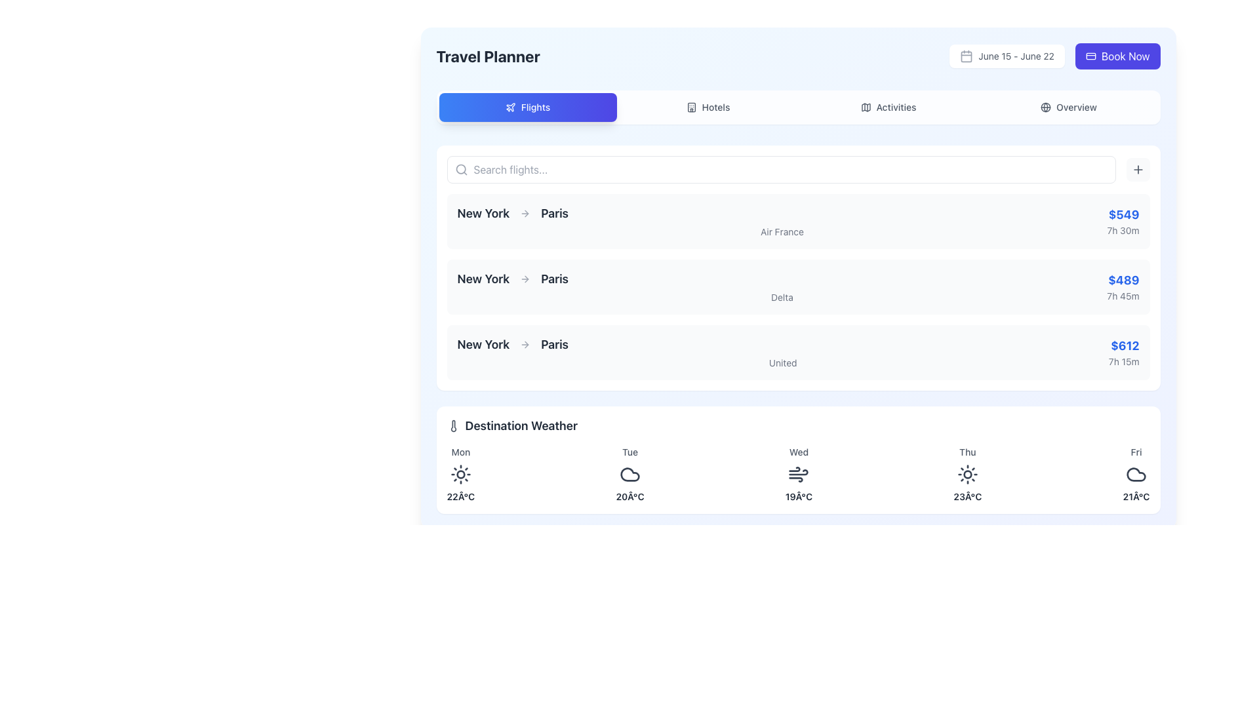  Describe the element at coordinates (783, 363) in the screenshot. I see `the text label indicating the airline operating the flight, located below the 'New York → Paris' flight header within the third flight entry` at that location.